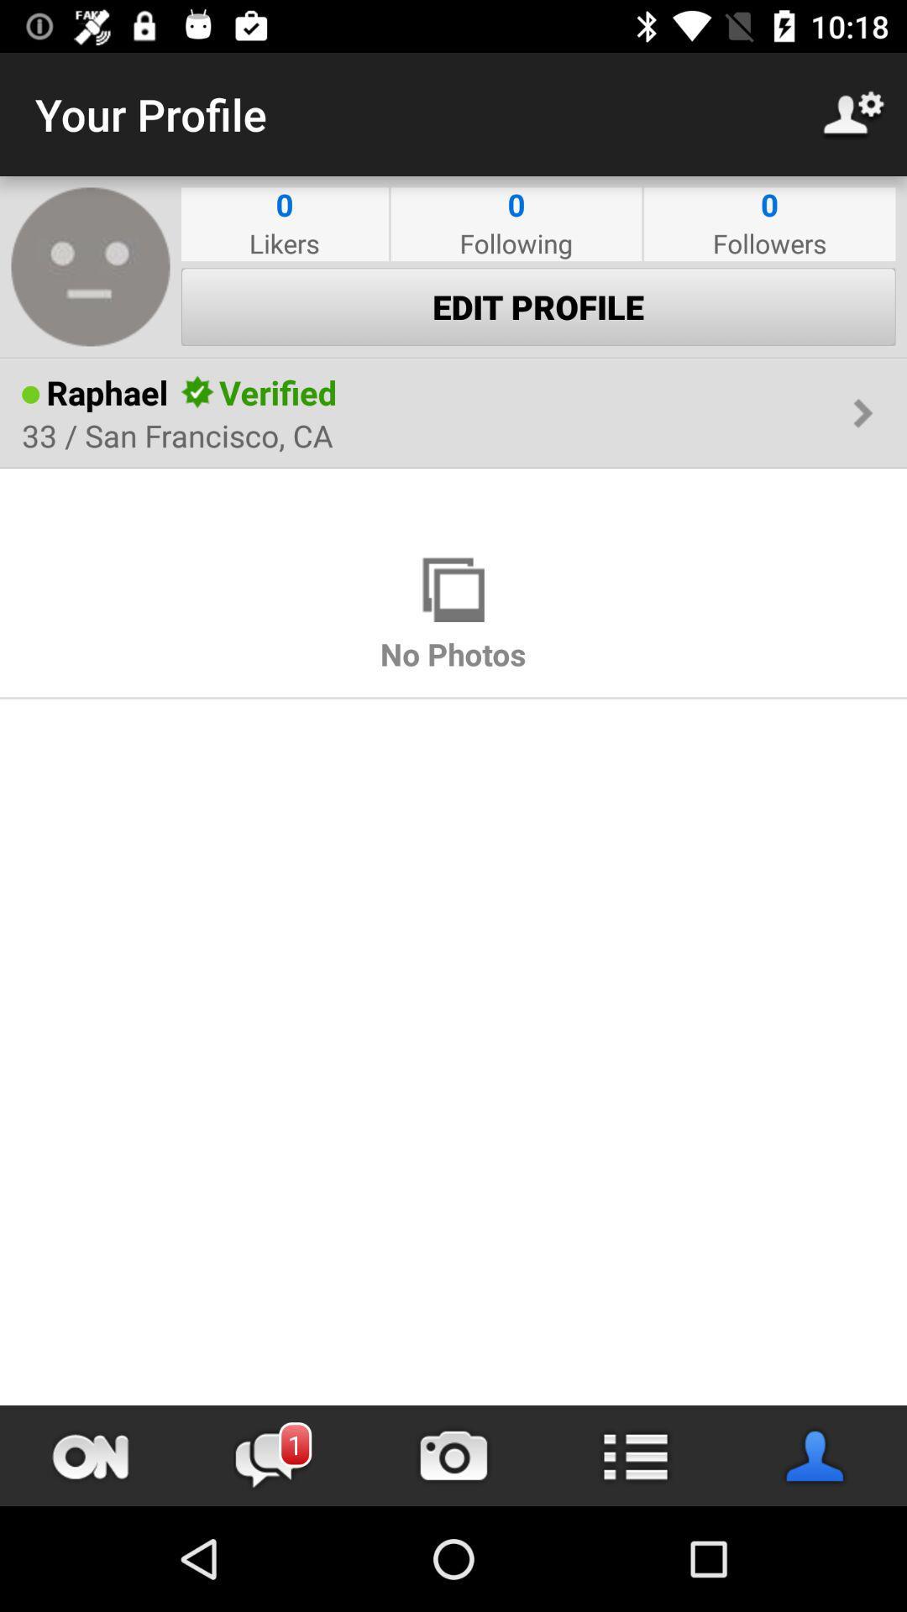 The height and width of the screenshot is (1612, 907). What do you see at coordinates (538, 306) in the screenshot?
I see `item below likers item` at bounding box center [538, 306].